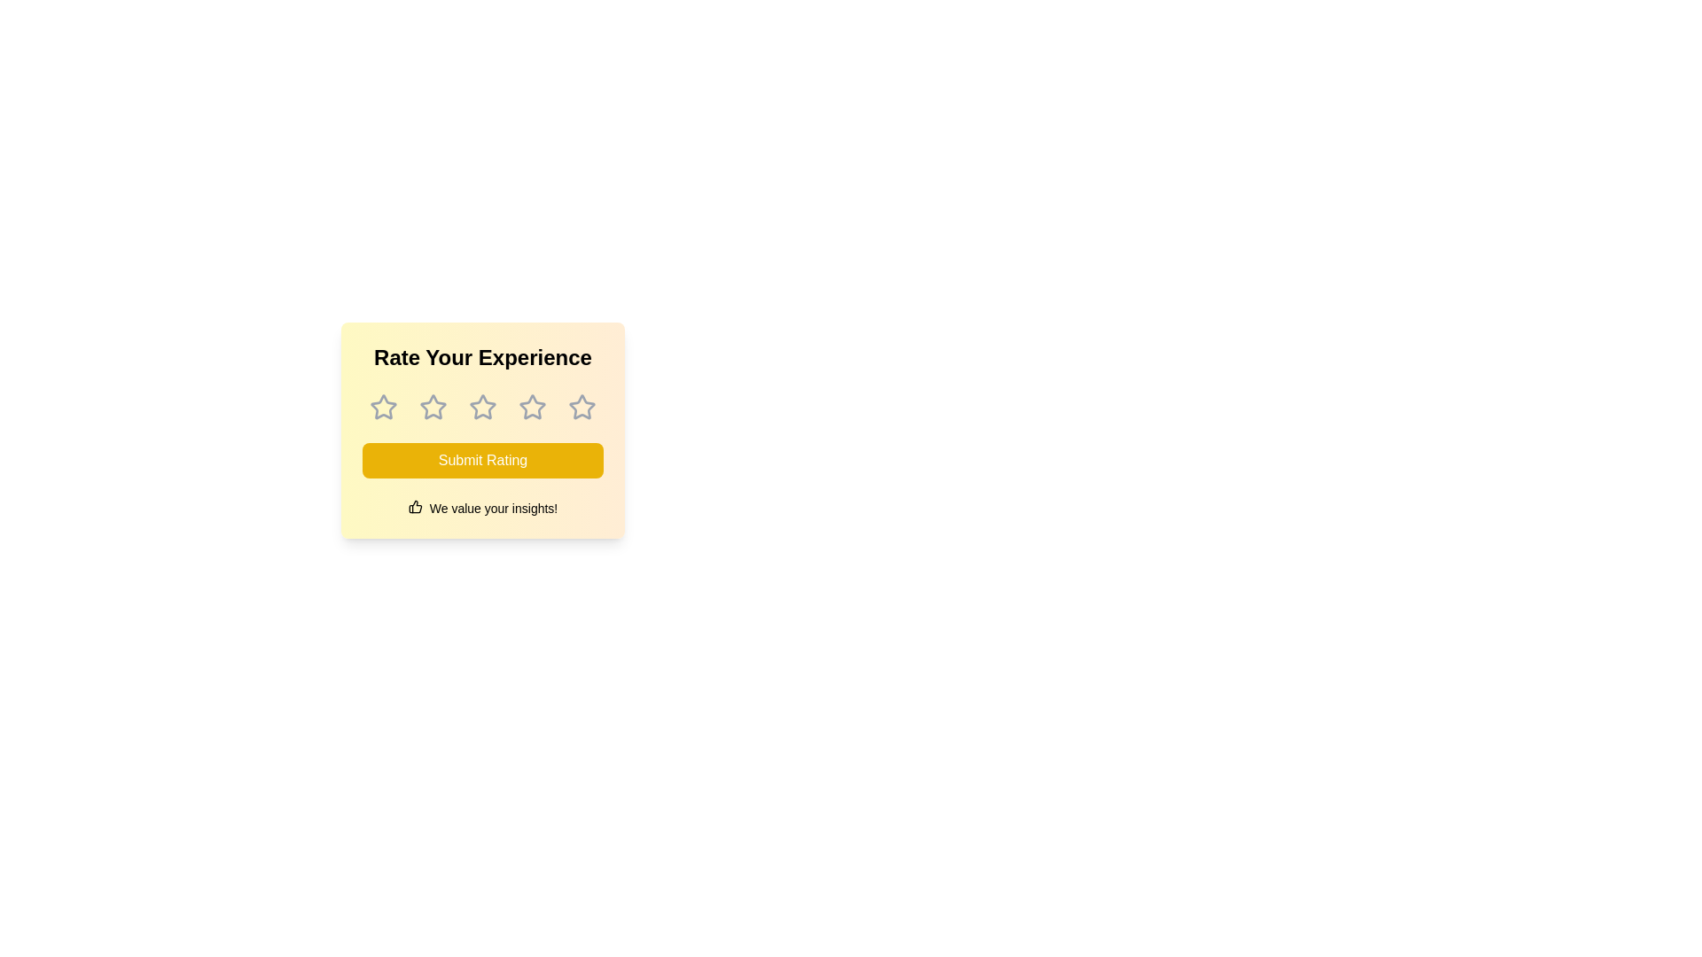 Image resolution: width=1702 pixels, height=957 pixels. Describe the element at coordinates (483, 407) in the screenshot. I see `the Interactive Icon that represents a rating of 3 out of 5, located in the middle of a five-star rating system, above the 'Submit Rating' button` at that location.